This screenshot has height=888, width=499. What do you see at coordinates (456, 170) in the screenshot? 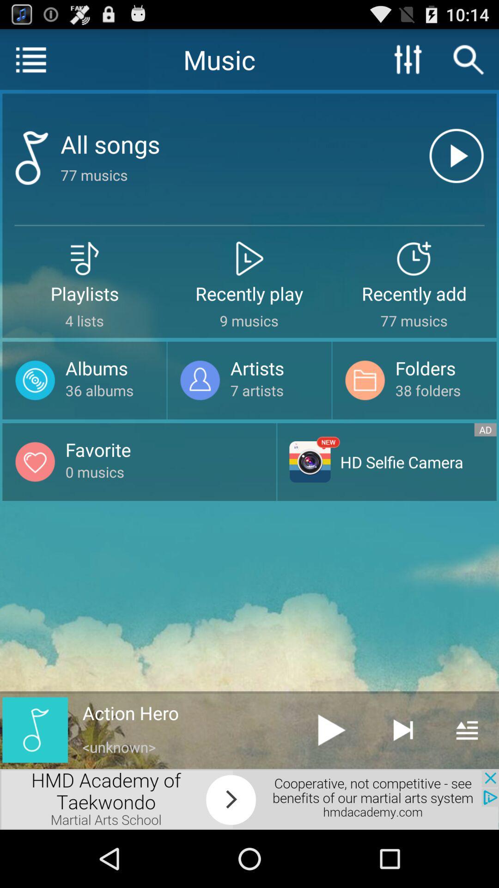
I see `the play icon` at bounding box center [456, 170].